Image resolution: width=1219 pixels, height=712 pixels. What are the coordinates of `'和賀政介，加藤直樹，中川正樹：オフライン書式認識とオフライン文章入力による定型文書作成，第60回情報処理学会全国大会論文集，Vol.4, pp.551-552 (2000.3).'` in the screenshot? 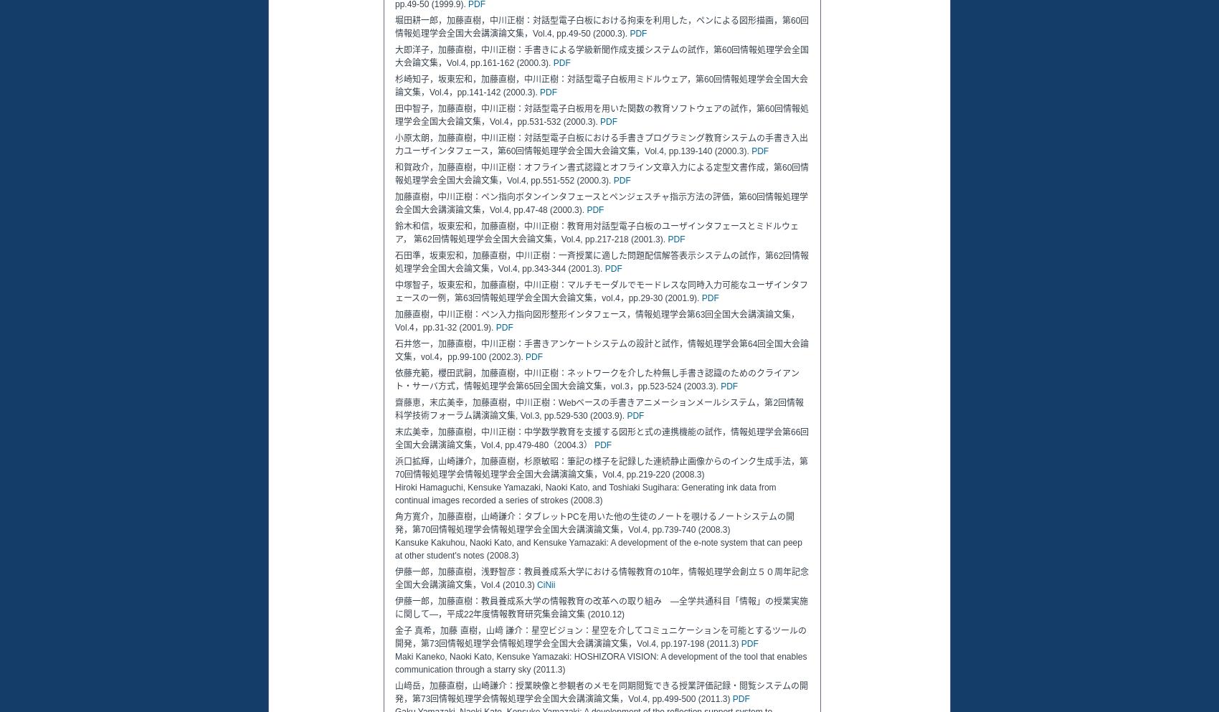 It's located at (601, 173).